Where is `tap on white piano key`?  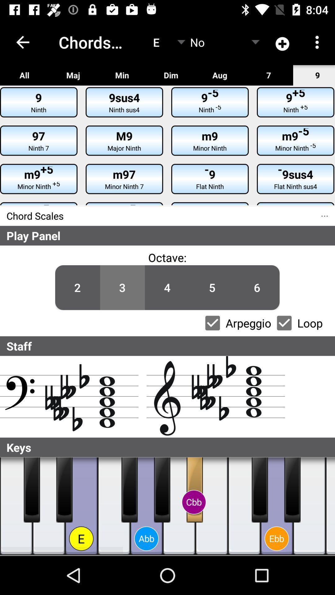 tap on white piano key is located at coordinates (309, 506).